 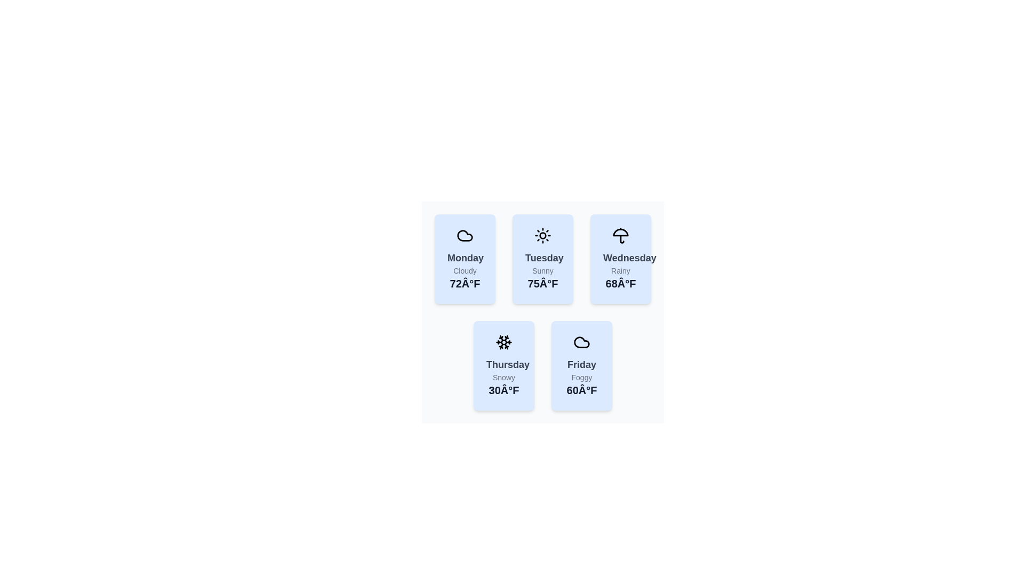 I want to click on the weather condition icon representing 'Foggy' for Friday, so click(x=581, y=342).